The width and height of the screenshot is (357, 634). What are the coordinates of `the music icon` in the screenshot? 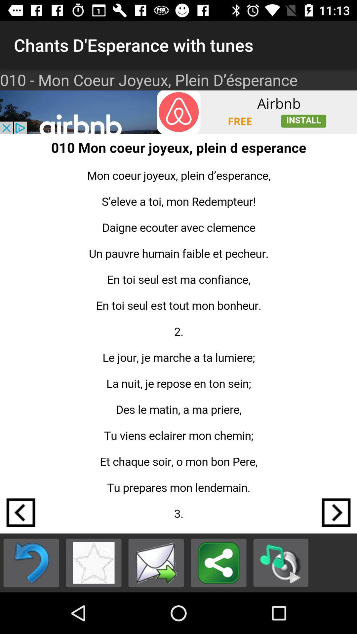 It's located at (281, 562).